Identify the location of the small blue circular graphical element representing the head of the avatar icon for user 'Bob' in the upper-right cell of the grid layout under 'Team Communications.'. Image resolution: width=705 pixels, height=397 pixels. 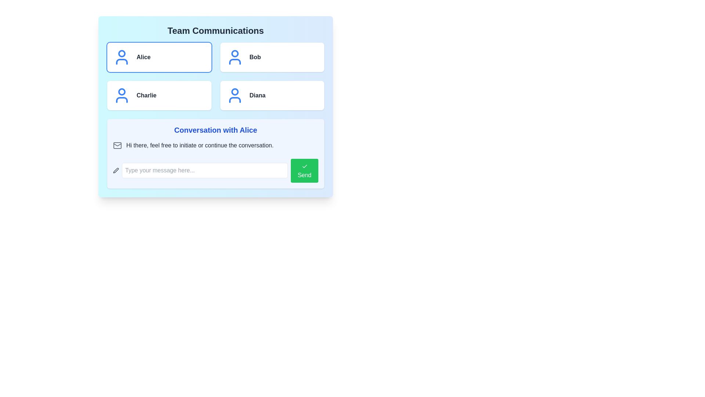
(234, 53).